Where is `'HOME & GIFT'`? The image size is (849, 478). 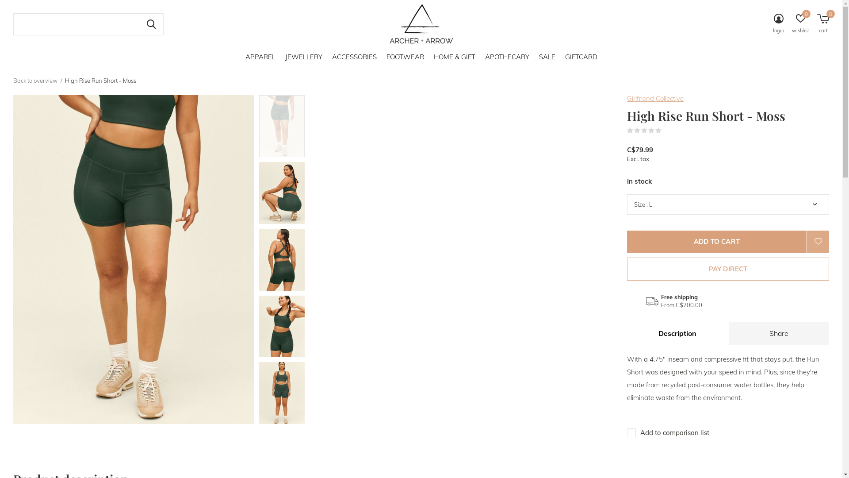
'HOME & GIFT' is located at coordinates (454, 56).